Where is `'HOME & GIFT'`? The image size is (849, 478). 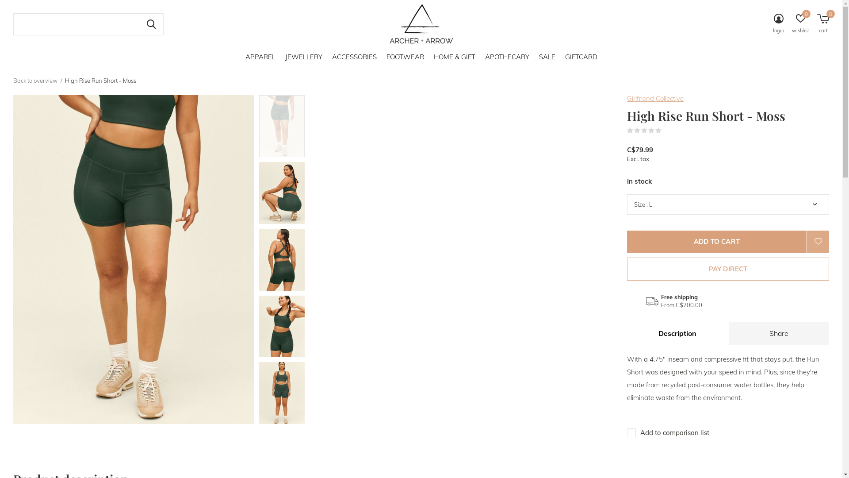
'HOME & GIFT' is located at coordinates (454, 56).